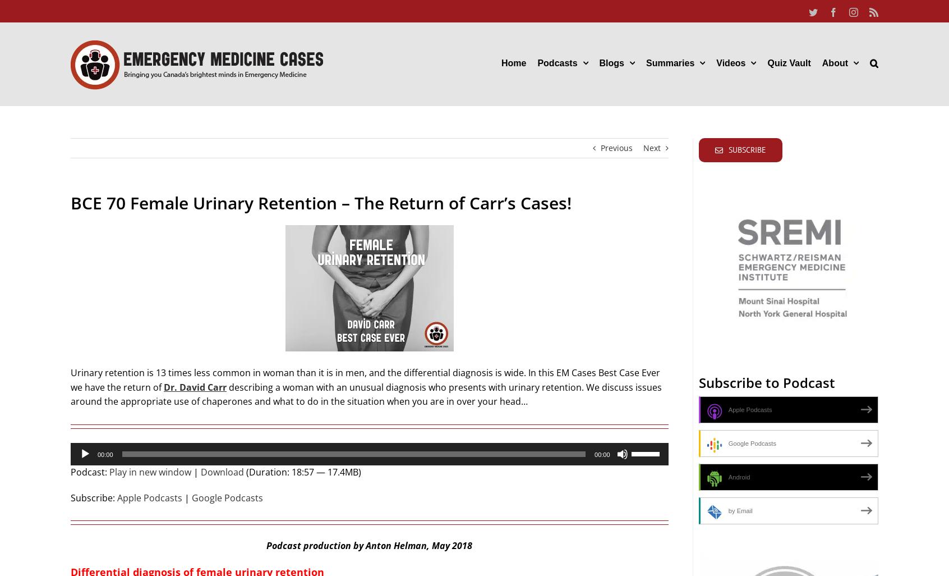 The width and height of the screenshot is (949, 576). I want to click on 'describing a woman with an unusual diagnosis who presents with urinary retention. We discuss issues around the appropriate use of chaperones and what to do in the situation when you are in over your head…', so click(366, 394).